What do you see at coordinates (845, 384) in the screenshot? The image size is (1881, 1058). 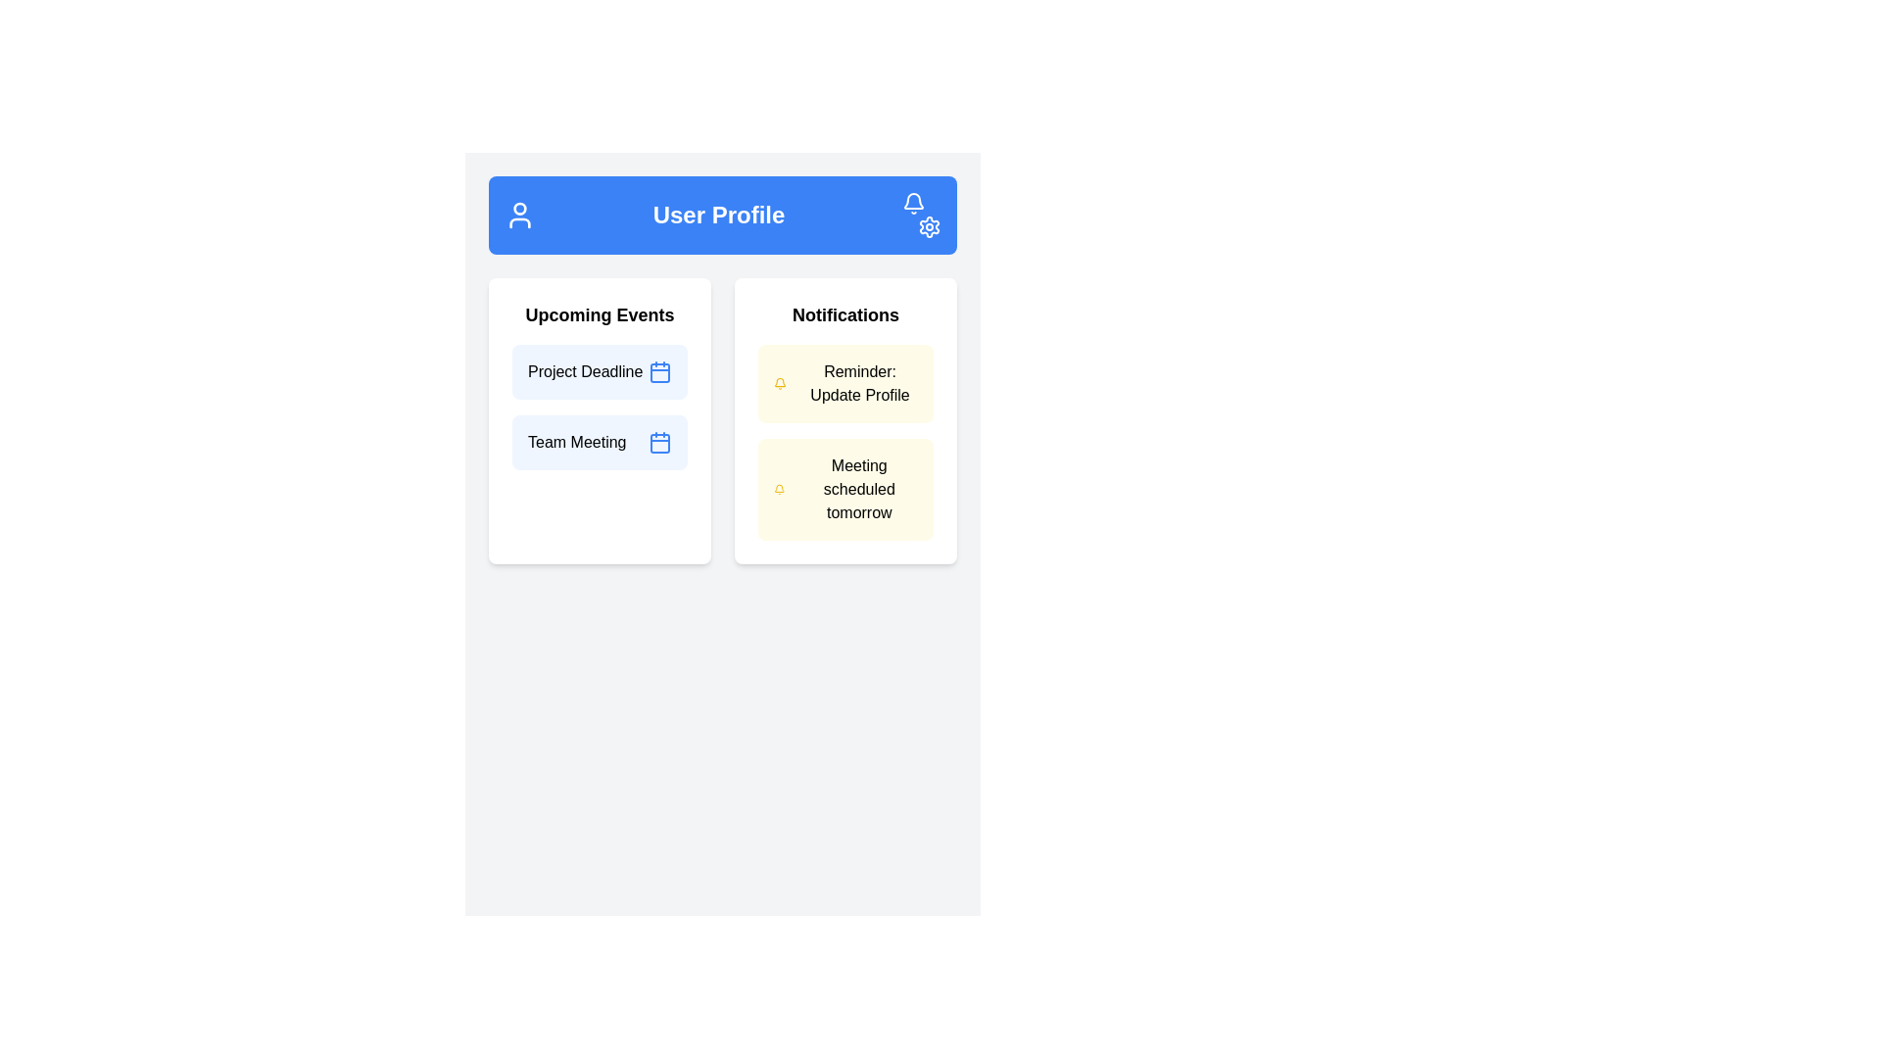 I see `the Notification card with a yellow background and bold black text stating 'Reminder: Update Profile', located in the right panel under 'Notifications'` at bounding box center [845, 384].